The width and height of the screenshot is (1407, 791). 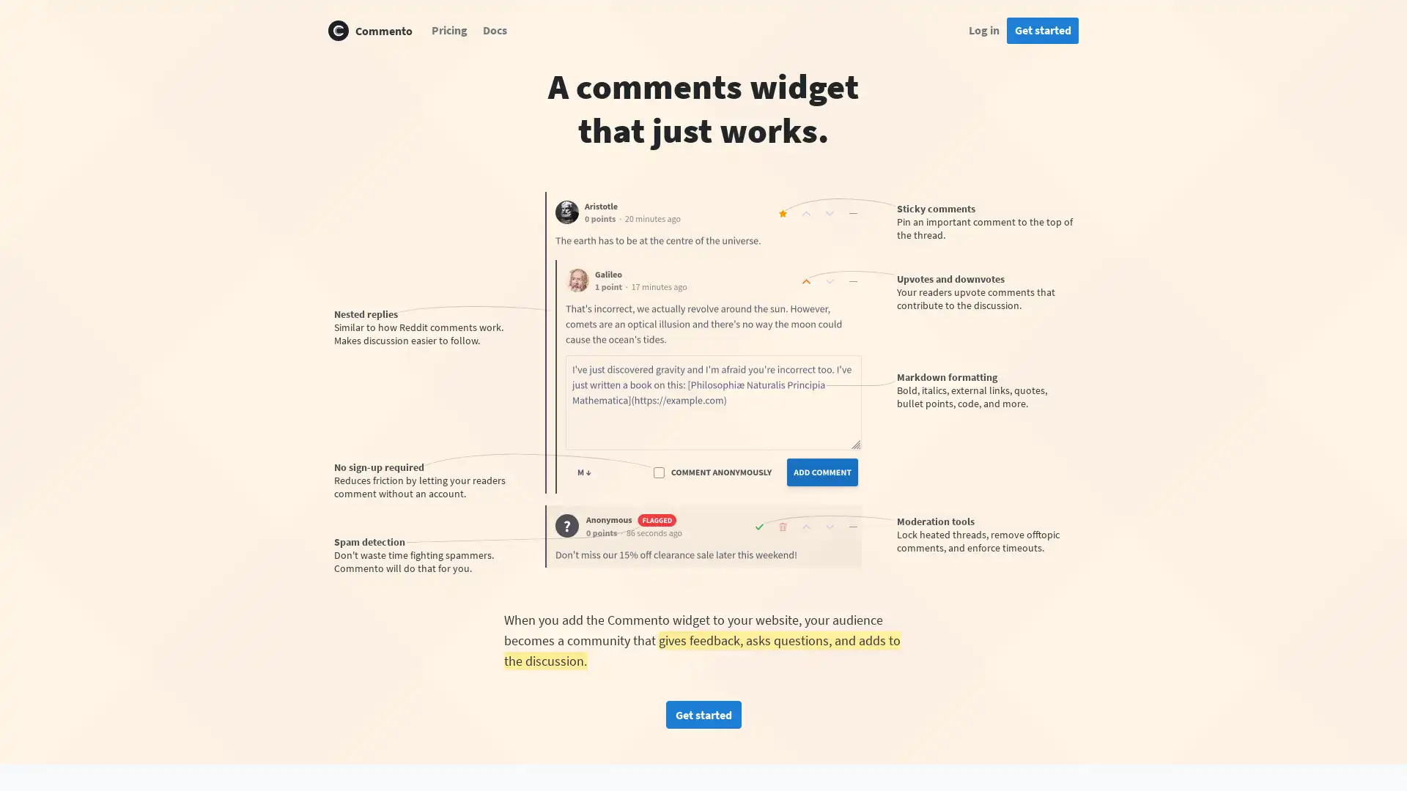 I want to click on Get started, so click(x=702, y=713).